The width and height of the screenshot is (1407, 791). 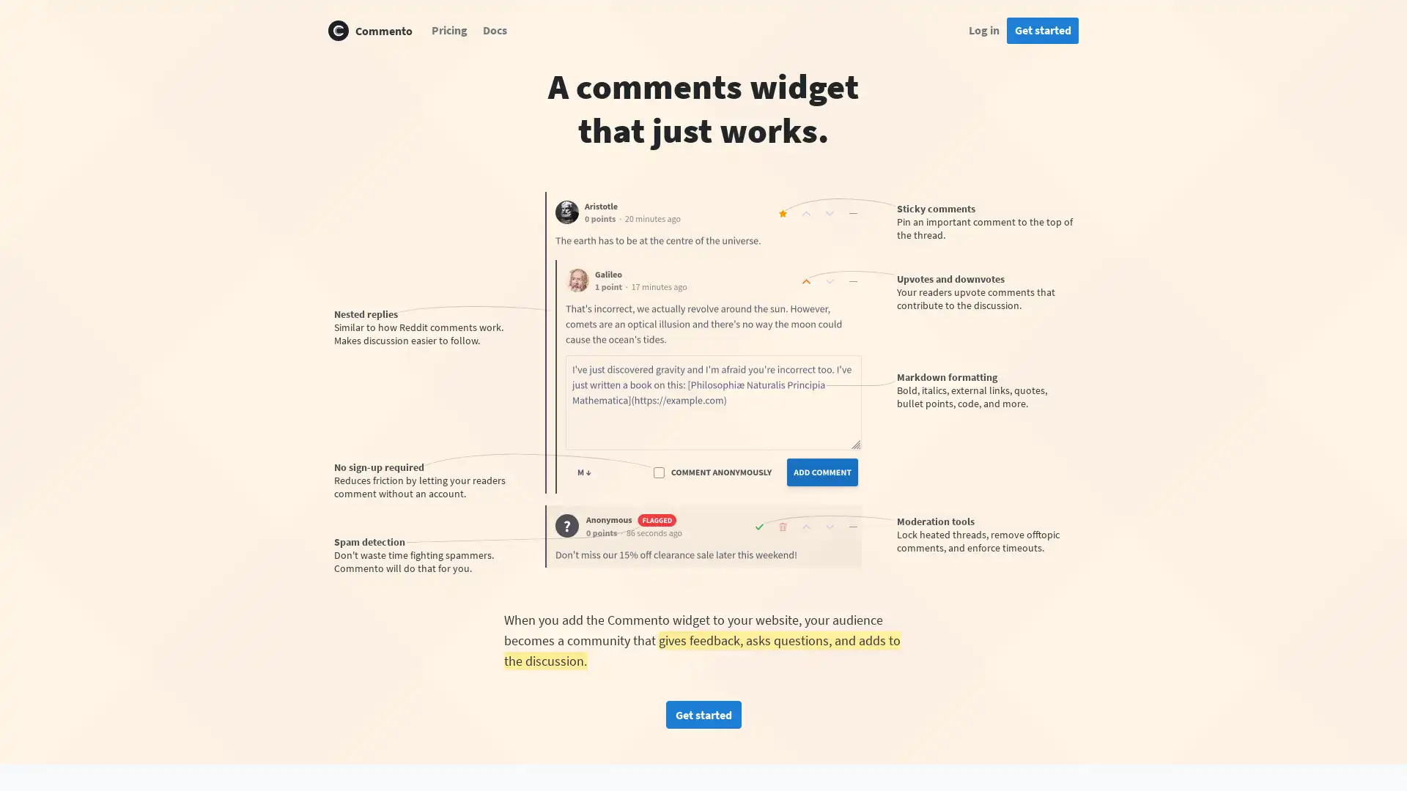 I want to click on Get started, so click(x=702, y=713).